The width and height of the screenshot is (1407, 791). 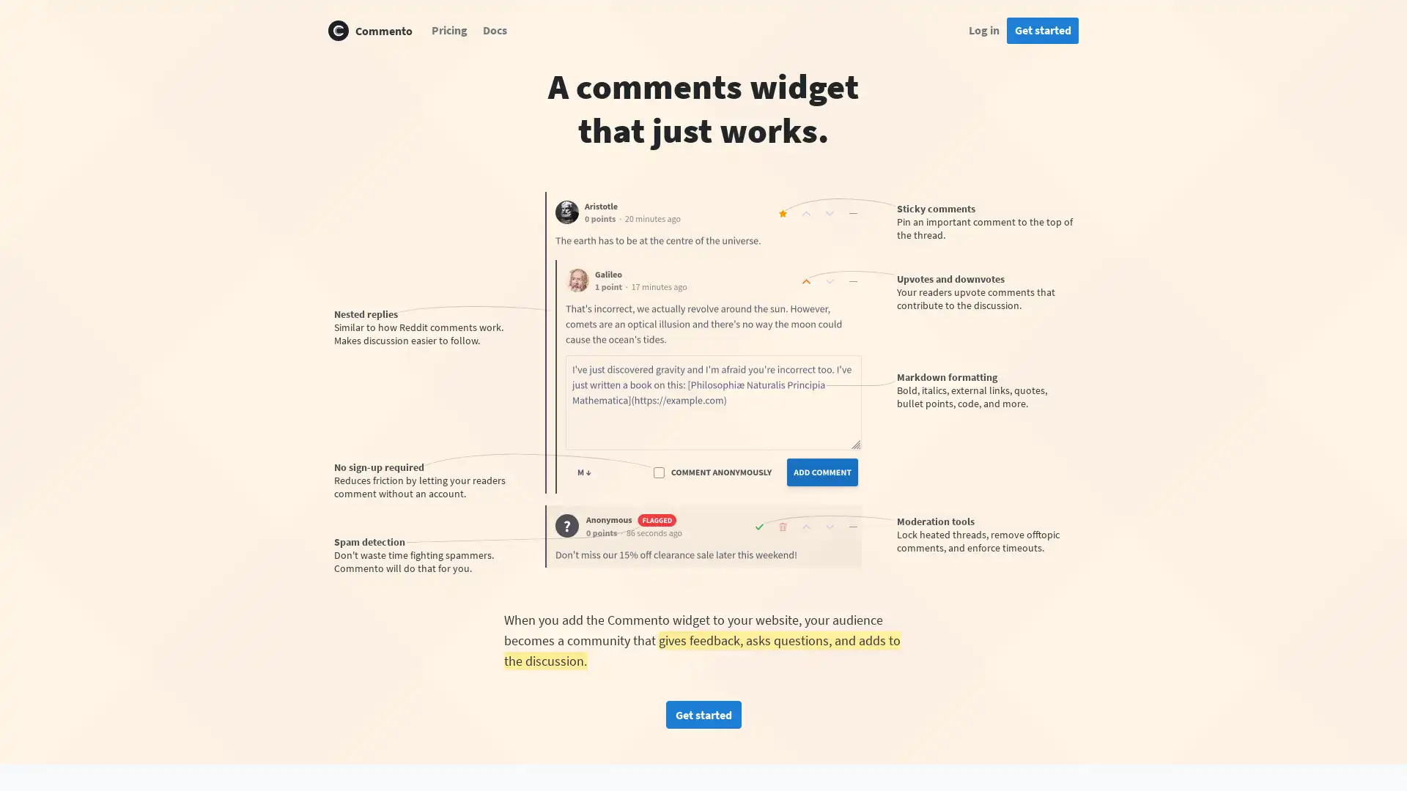 I want to click on Get started, so click(x=702, y=713).